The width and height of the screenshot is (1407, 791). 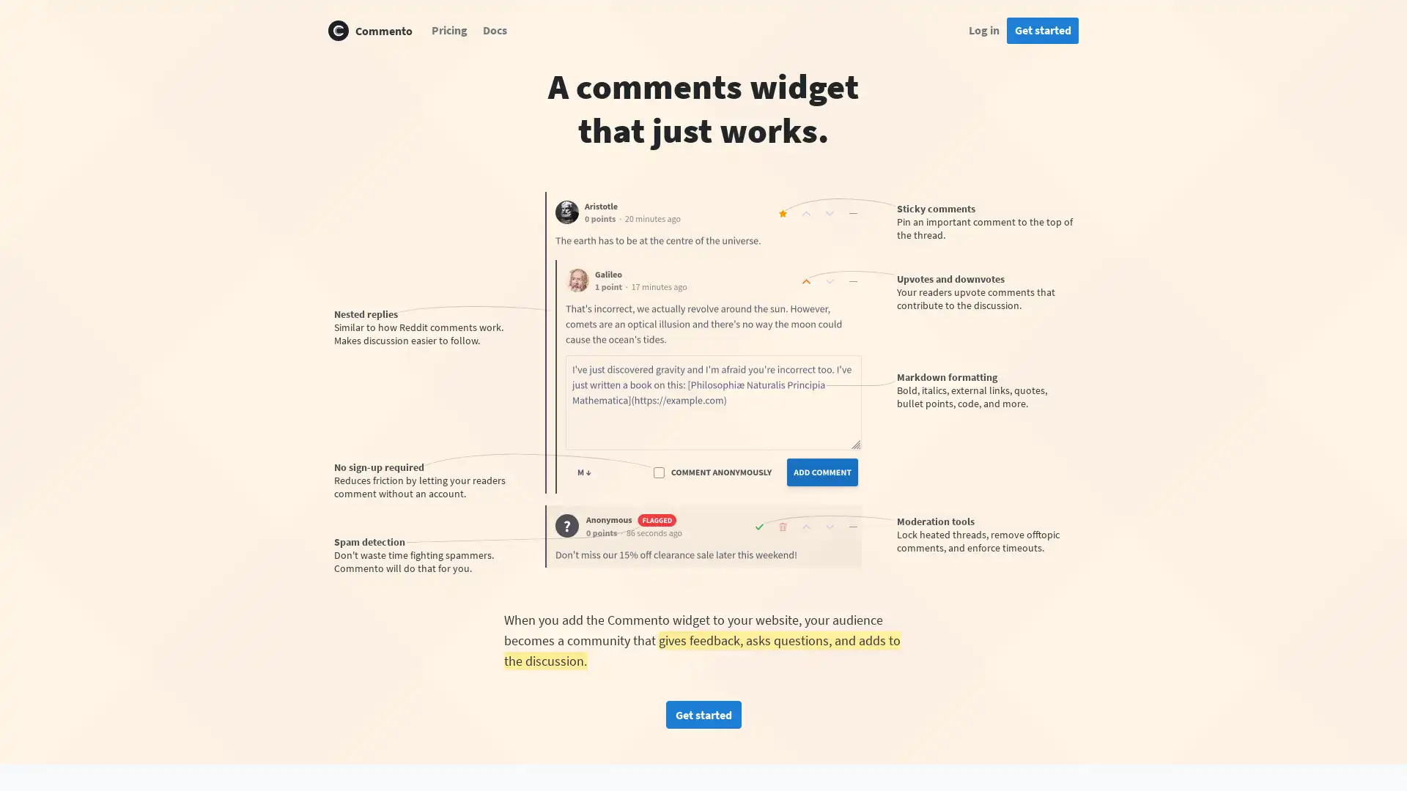 I want to click on Get started, so click(x=702, y=713).